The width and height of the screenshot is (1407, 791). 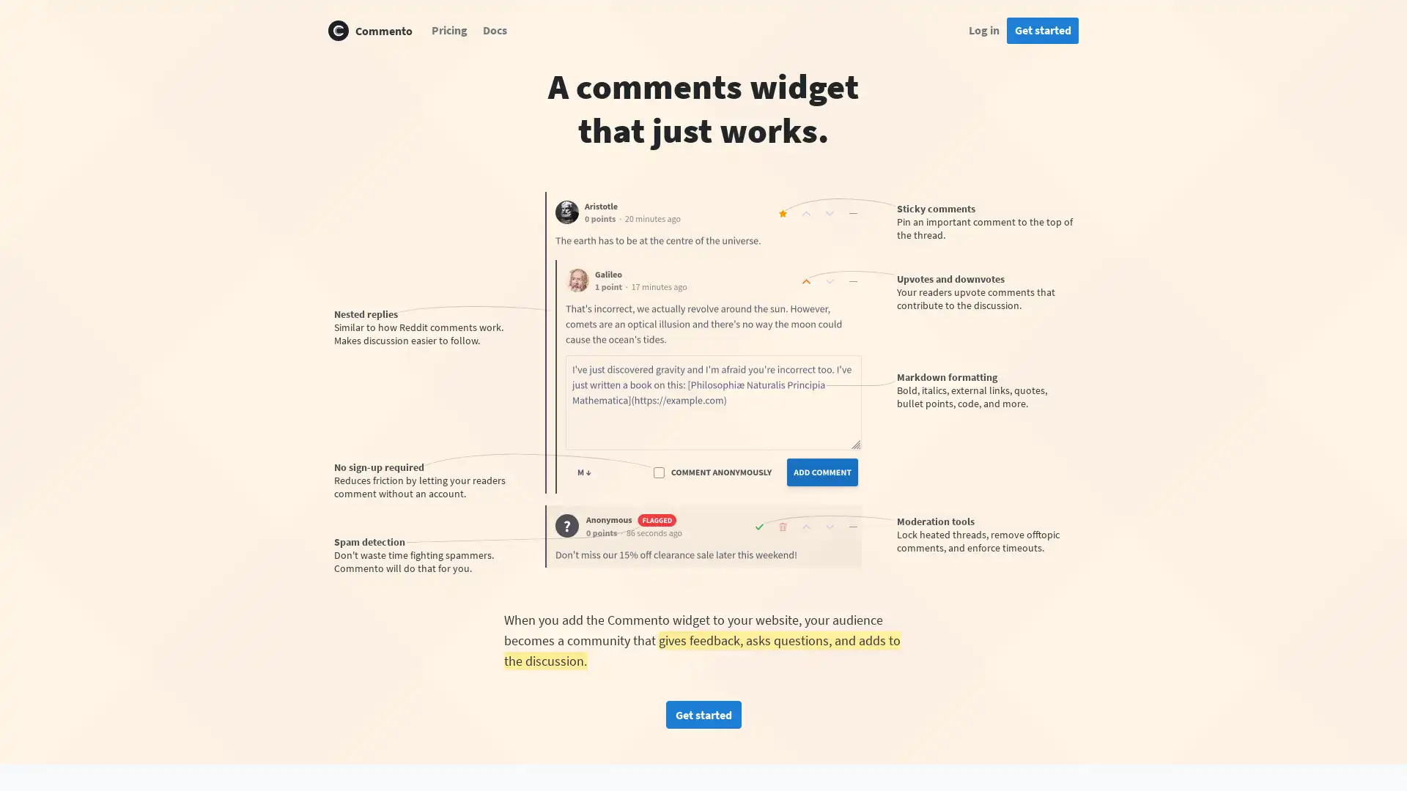 I want to click on Get started, so click(x=702, y=713).